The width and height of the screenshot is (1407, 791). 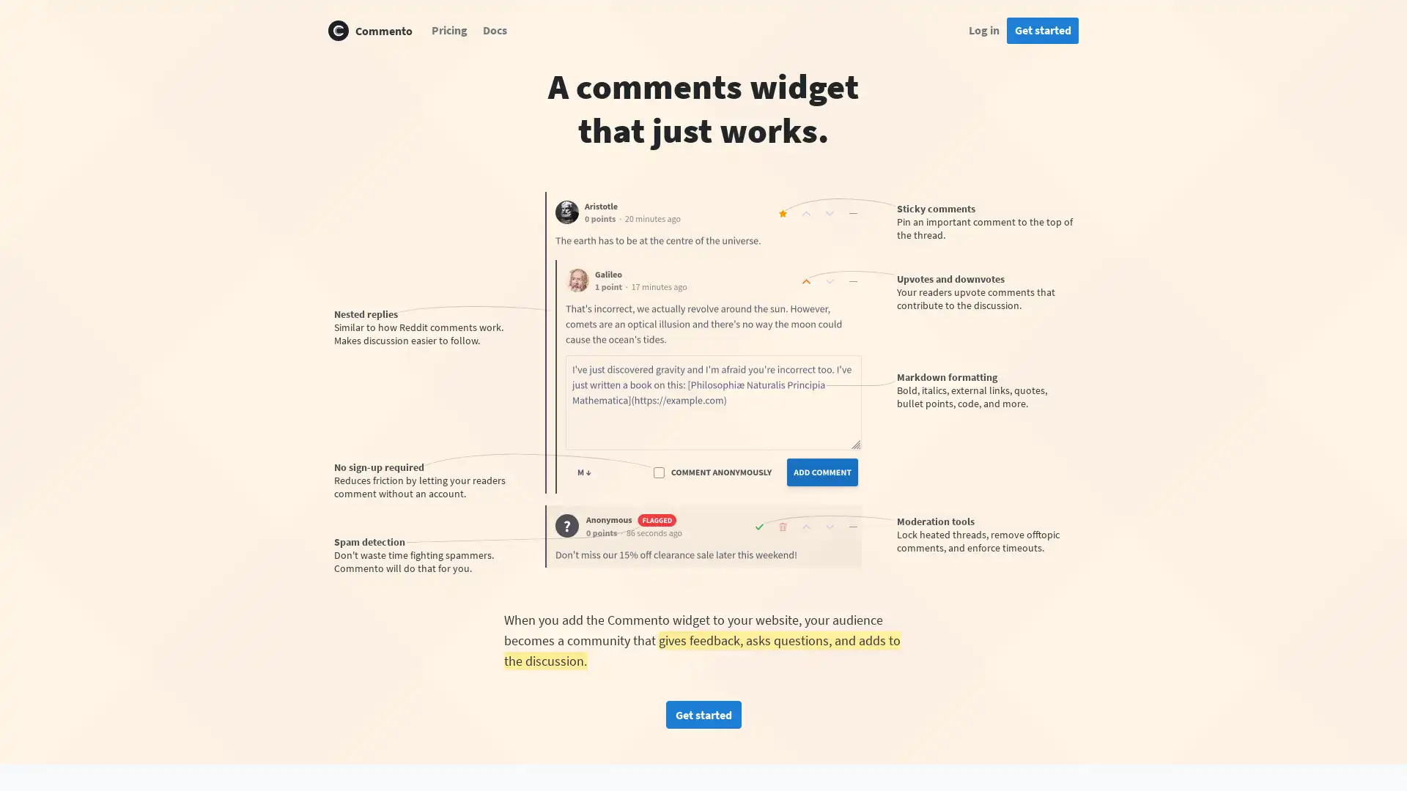 I want to click on Get started, so click(x=702, y=713).